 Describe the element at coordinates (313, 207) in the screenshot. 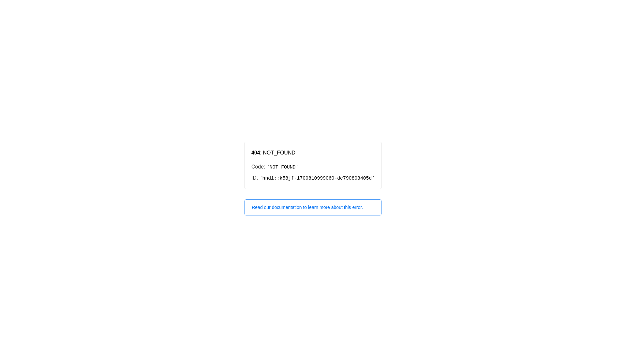

I see `'Read our documentation to learn more about this error.'` at that location.